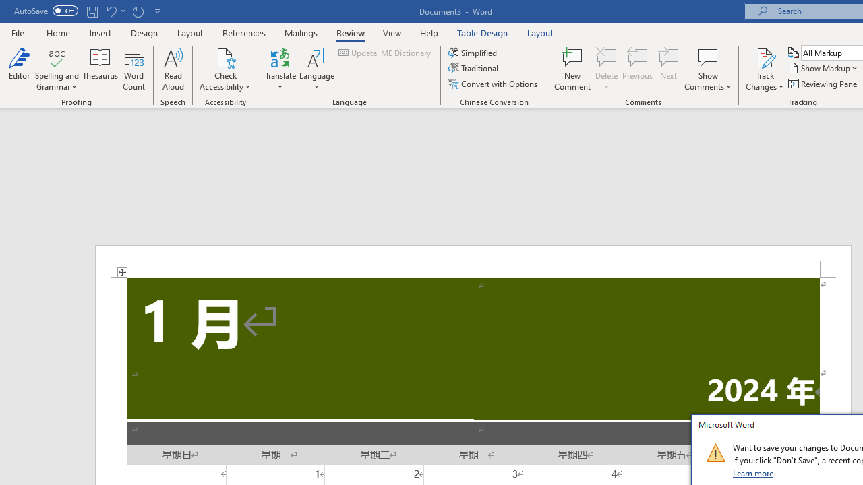 Image resolution: width=863 pixels, height=485 pixels. What do you see at coordinates (115, 11) in the screenshot?
I see `'Undo Apply Quick Style'` at bounding box center [115, 11].